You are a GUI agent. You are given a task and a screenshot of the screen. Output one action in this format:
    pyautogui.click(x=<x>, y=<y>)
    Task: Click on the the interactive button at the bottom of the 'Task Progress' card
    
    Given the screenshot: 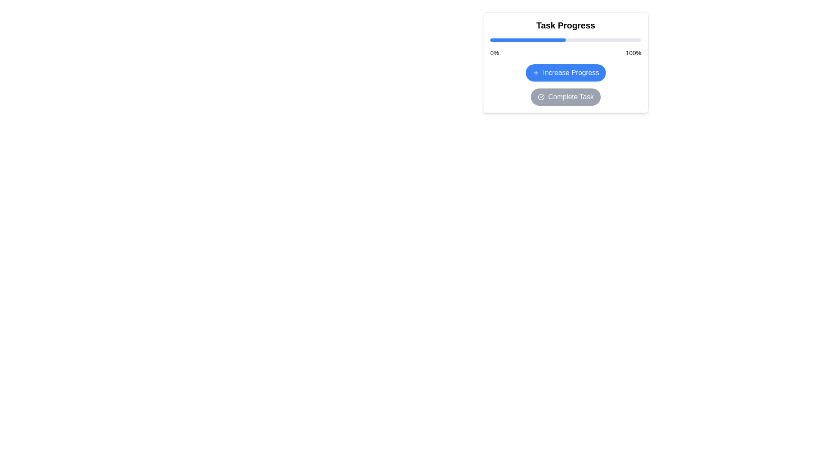 What is the action you would take?
    pyautogui.click(x=565, y=97)
    